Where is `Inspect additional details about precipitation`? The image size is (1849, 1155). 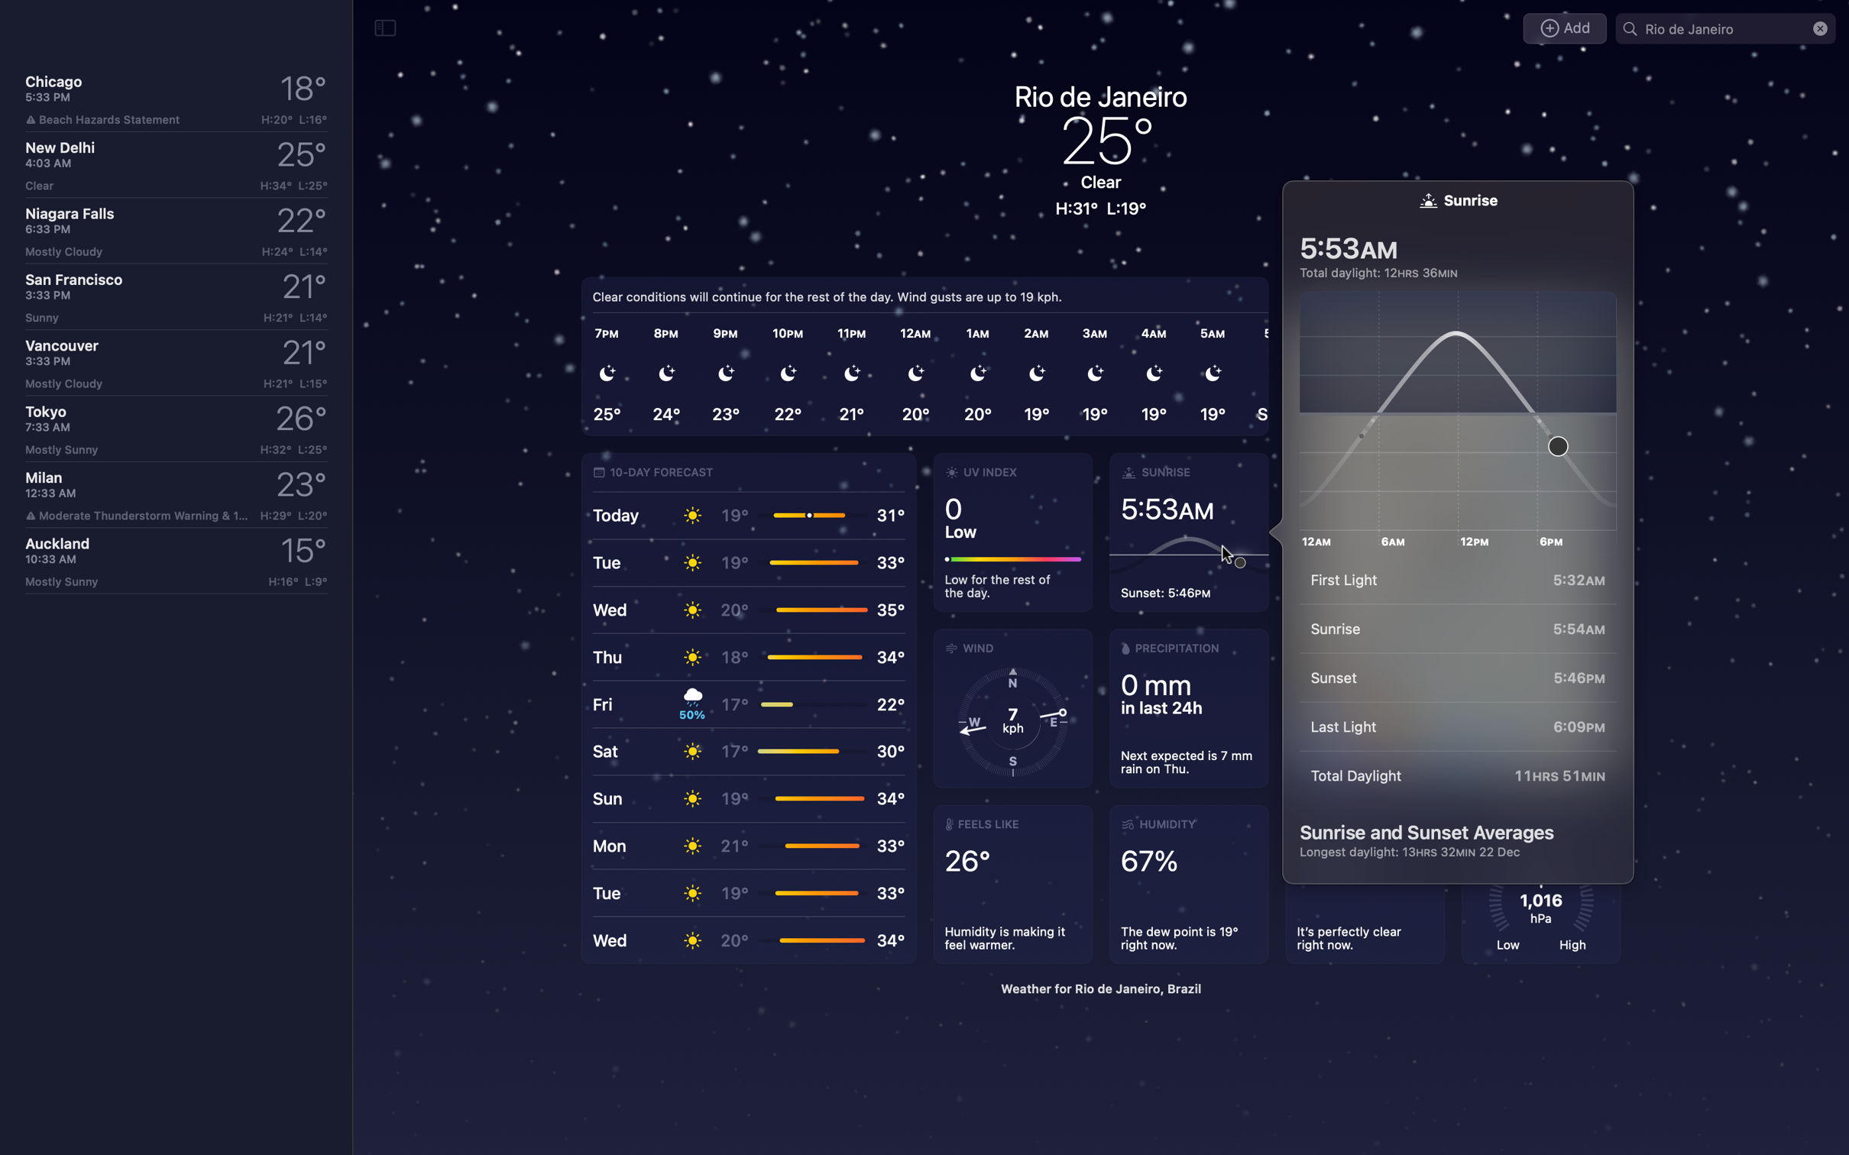 Inspect additional details about precipitation is located at coordinates (1187, 707).